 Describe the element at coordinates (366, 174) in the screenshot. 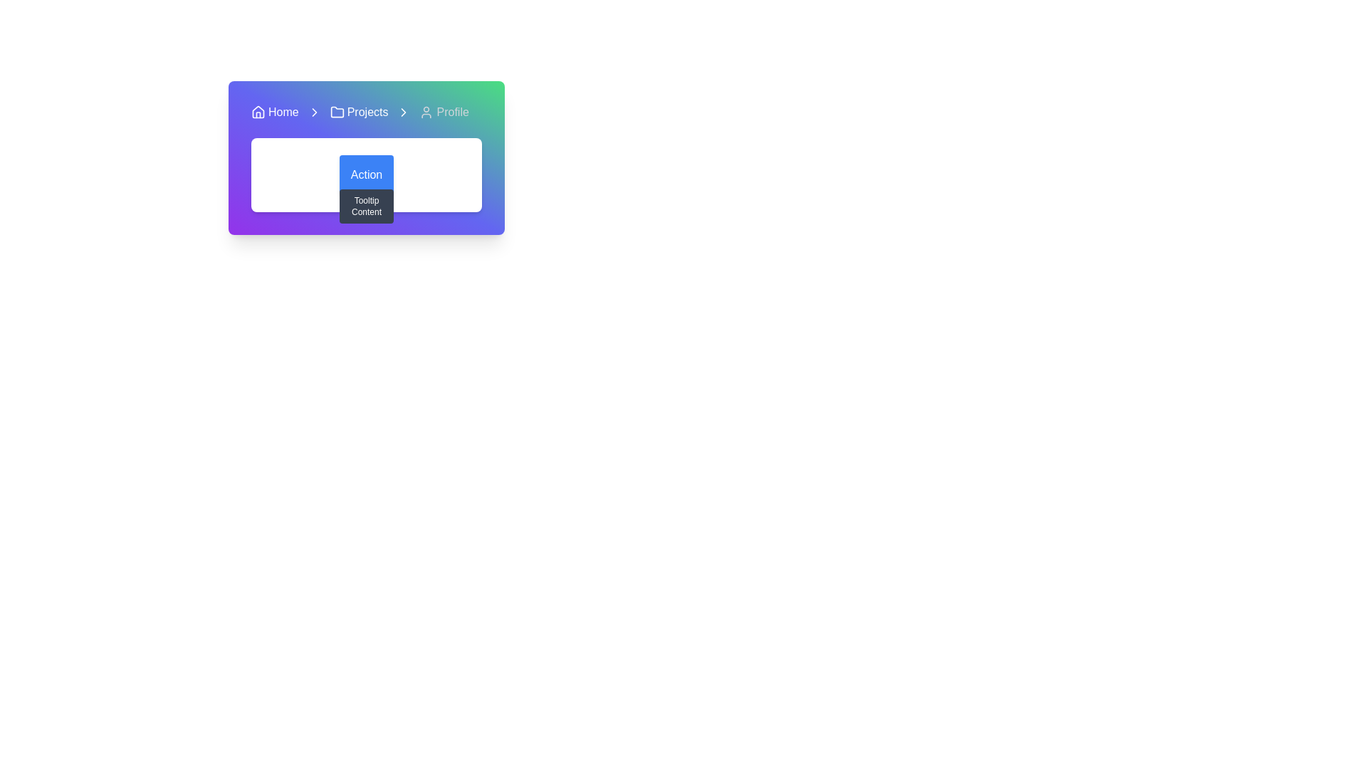

I see `the blue button labeled 'Action'` at that location.